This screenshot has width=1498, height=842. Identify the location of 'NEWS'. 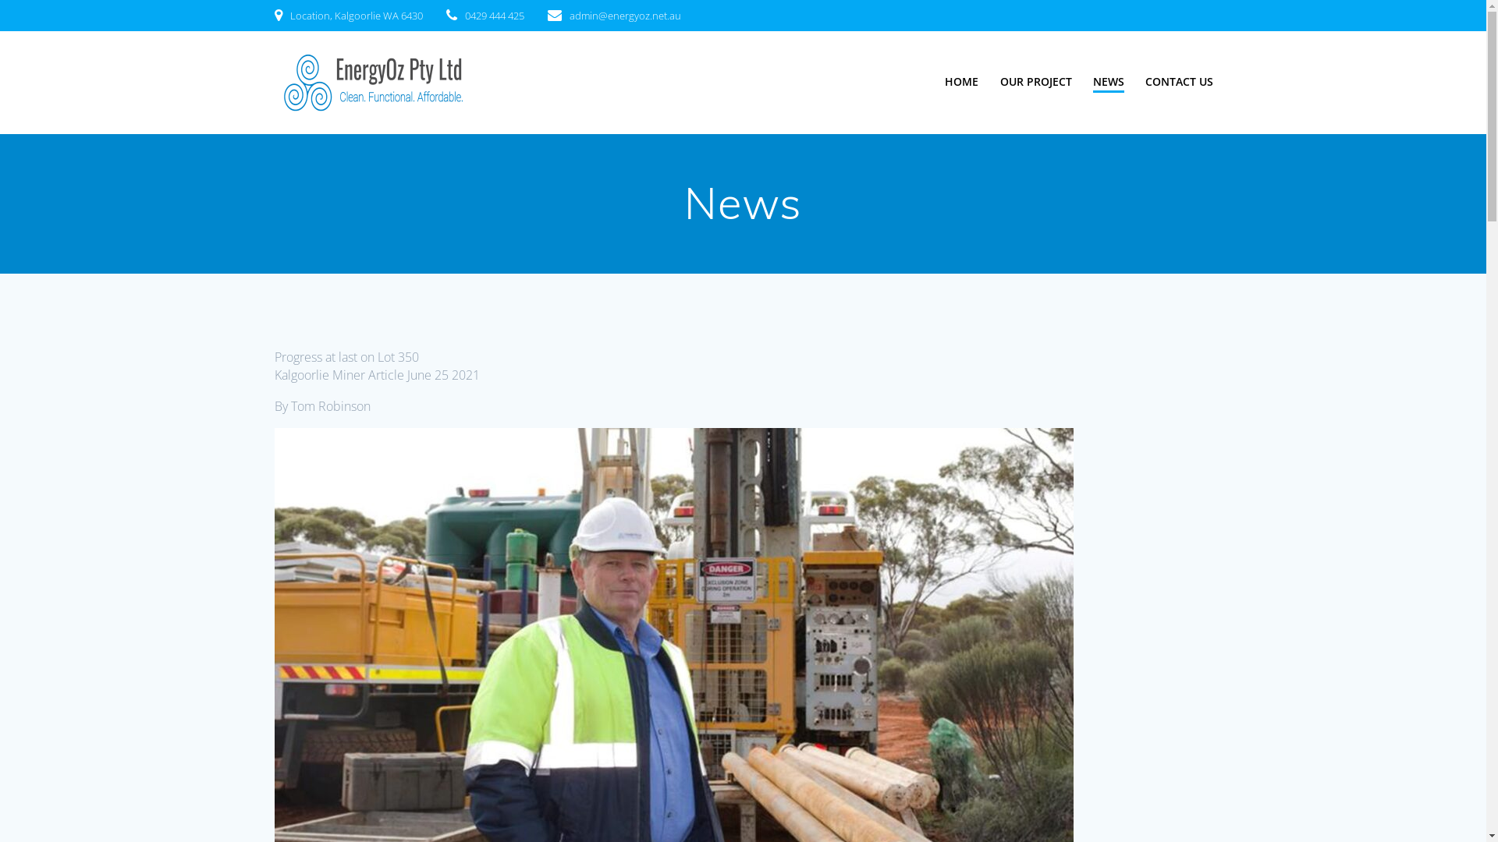
(1107, 82).